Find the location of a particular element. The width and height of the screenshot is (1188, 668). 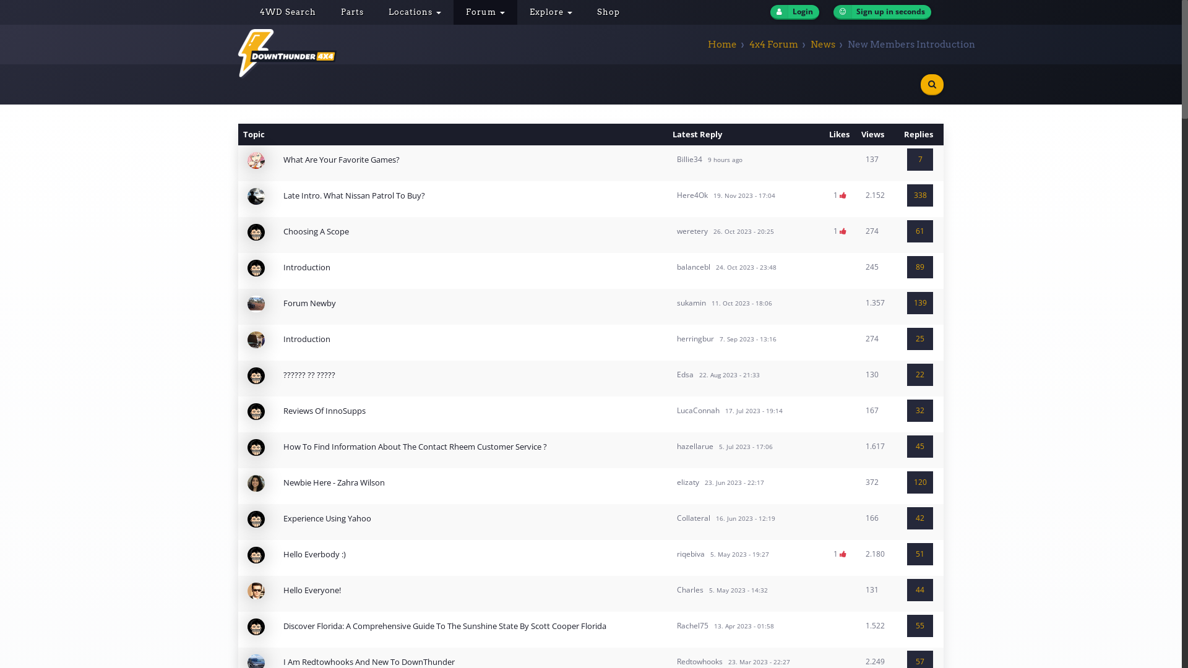

'4x4 Forum' is located at coordinates (773, 44).